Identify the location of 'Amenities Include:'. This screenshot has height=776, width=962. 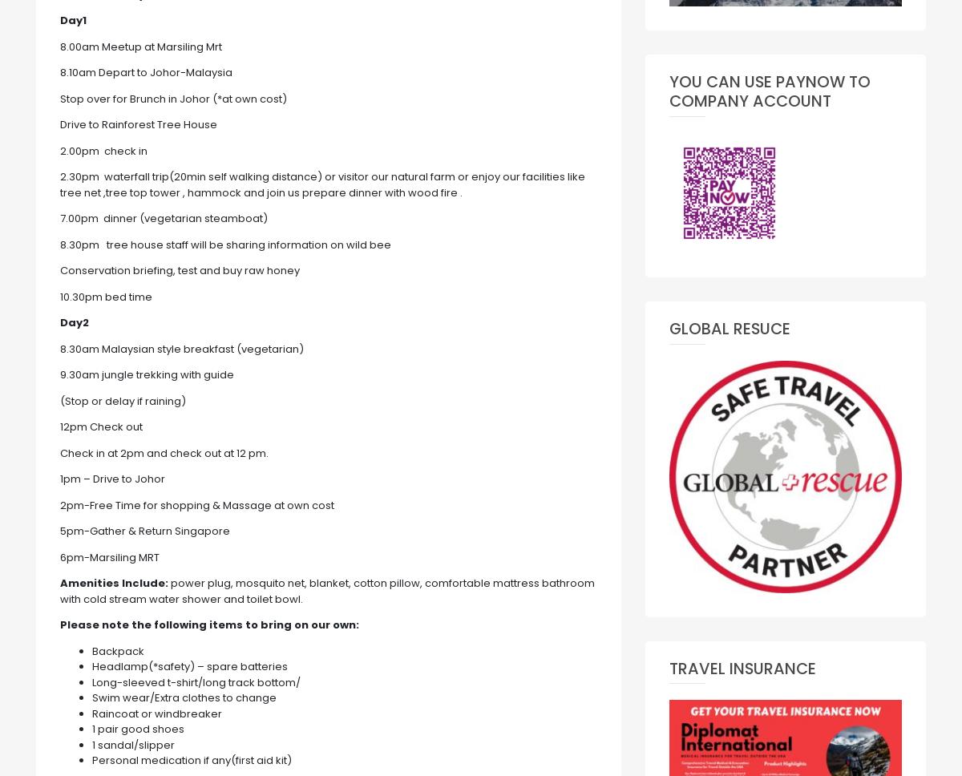
(114, 583).